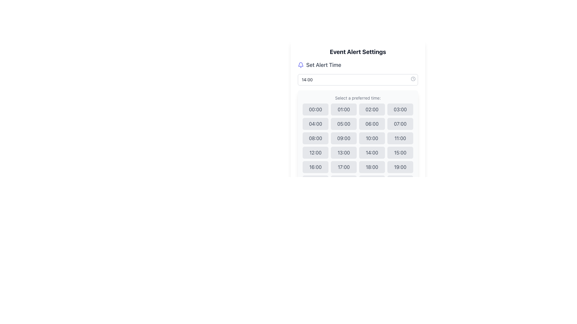 The height and width of the screenshot is (324, 577). What do you see at coordinates (358, 145) in the screenshot?
I see `the interactive grid buttons arranged in four columns and multiple rows` at bounding box center [358, 145].